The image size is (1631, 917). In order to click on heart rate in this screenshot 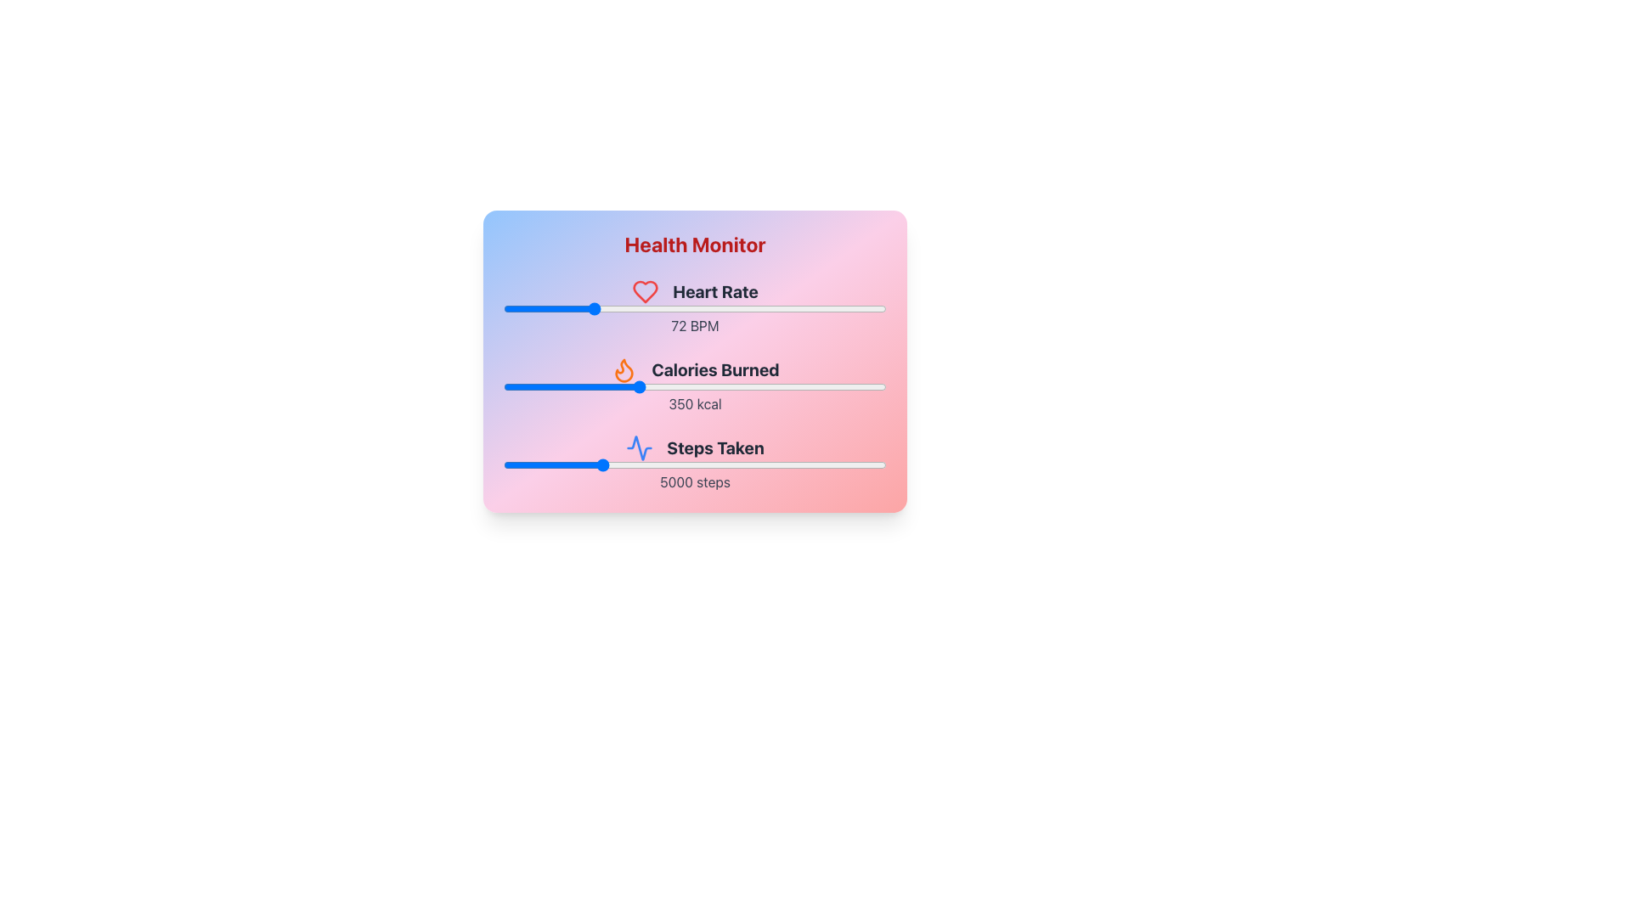, I will do `click(774, 308)`.